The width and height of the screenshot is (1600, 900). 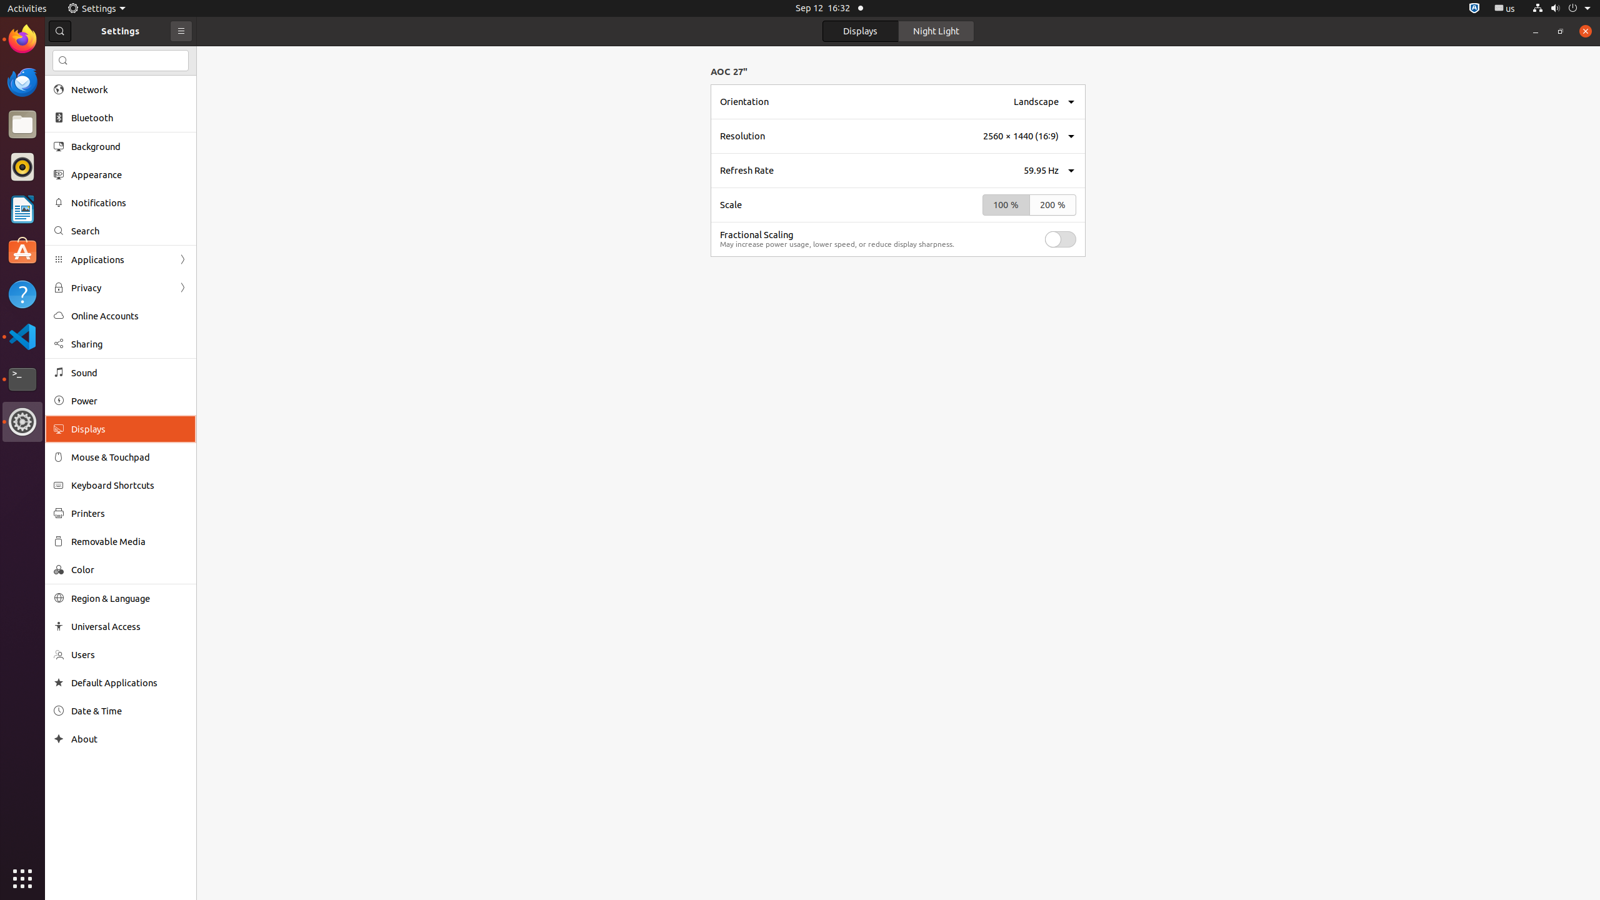 What do you see at coordinates (129, 372) in the screenshot?
I see `'Sound'` at bounding box center [129, 372].